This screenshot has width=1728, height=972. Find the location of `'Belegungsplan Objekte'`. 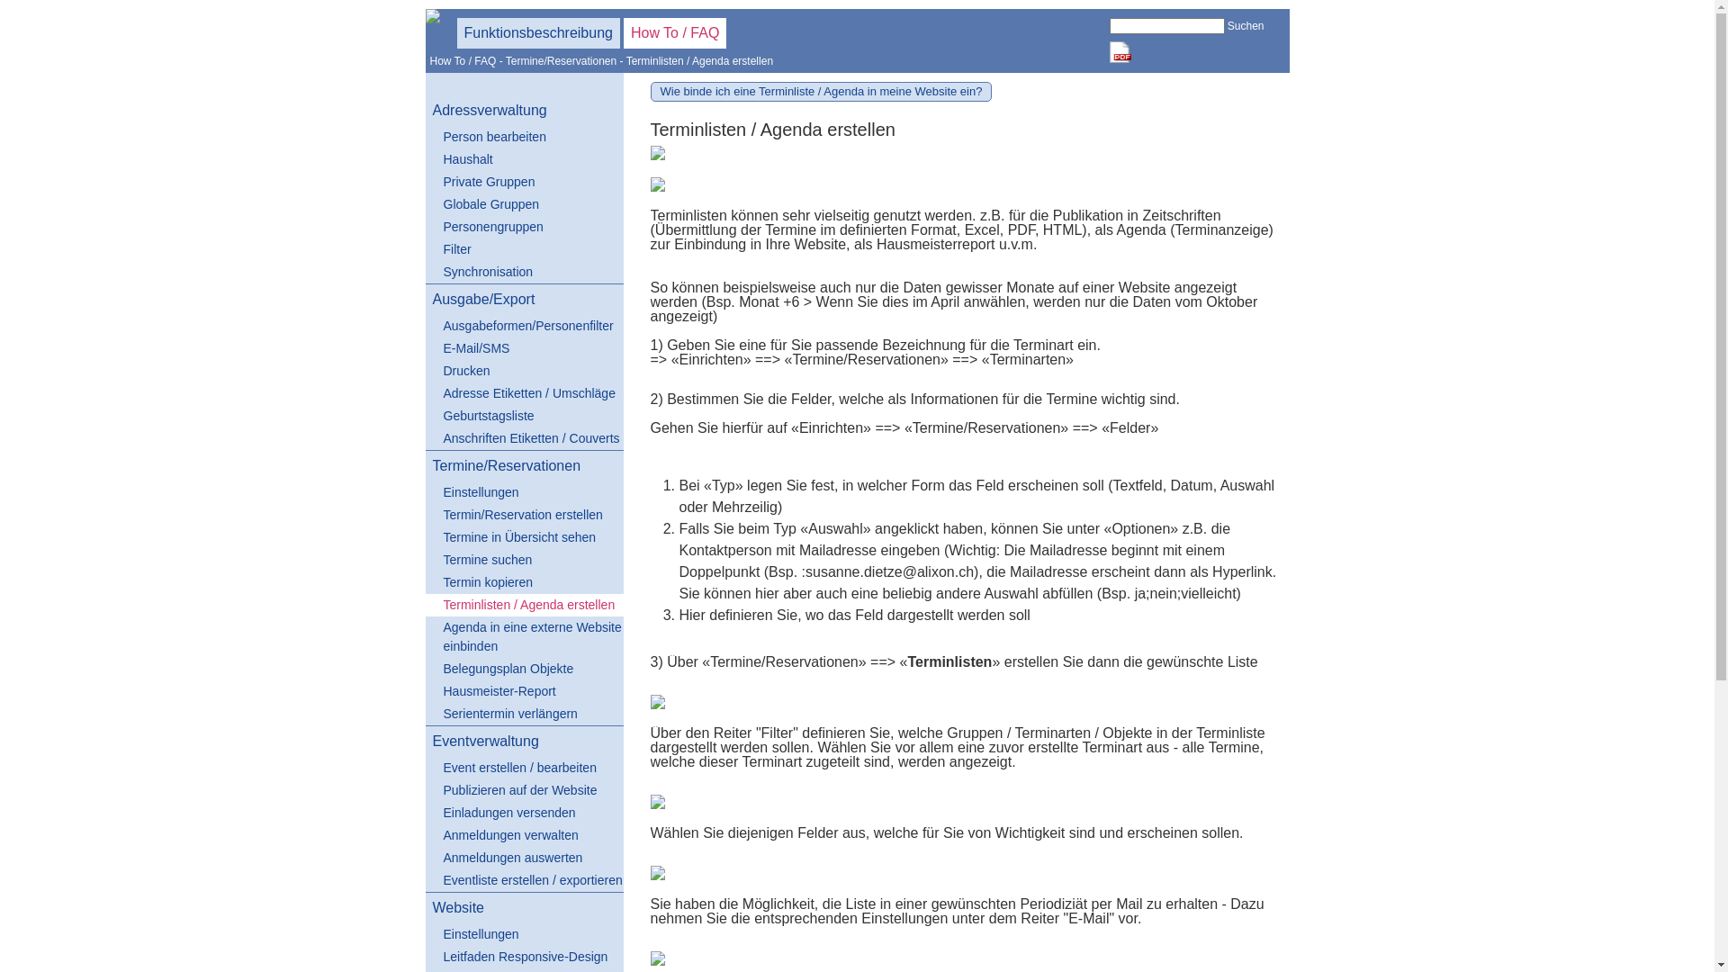

'Belegungsplan Objekte' is located at coordinates (522, 669).